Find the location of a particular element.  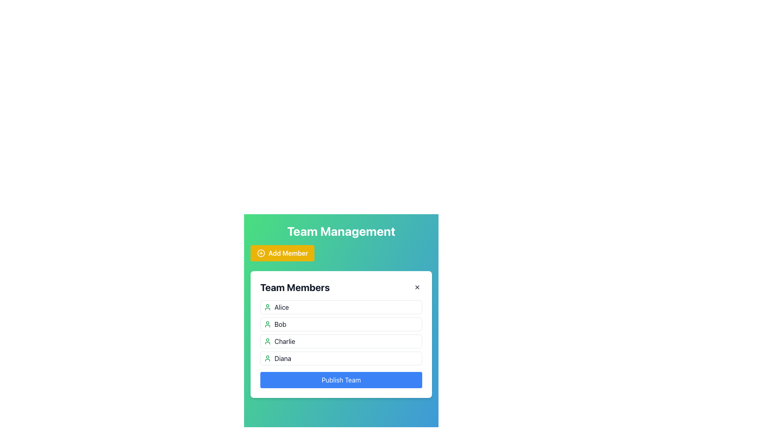

the user profile icon representing 'Diana' is located at coordinates (267, 358).